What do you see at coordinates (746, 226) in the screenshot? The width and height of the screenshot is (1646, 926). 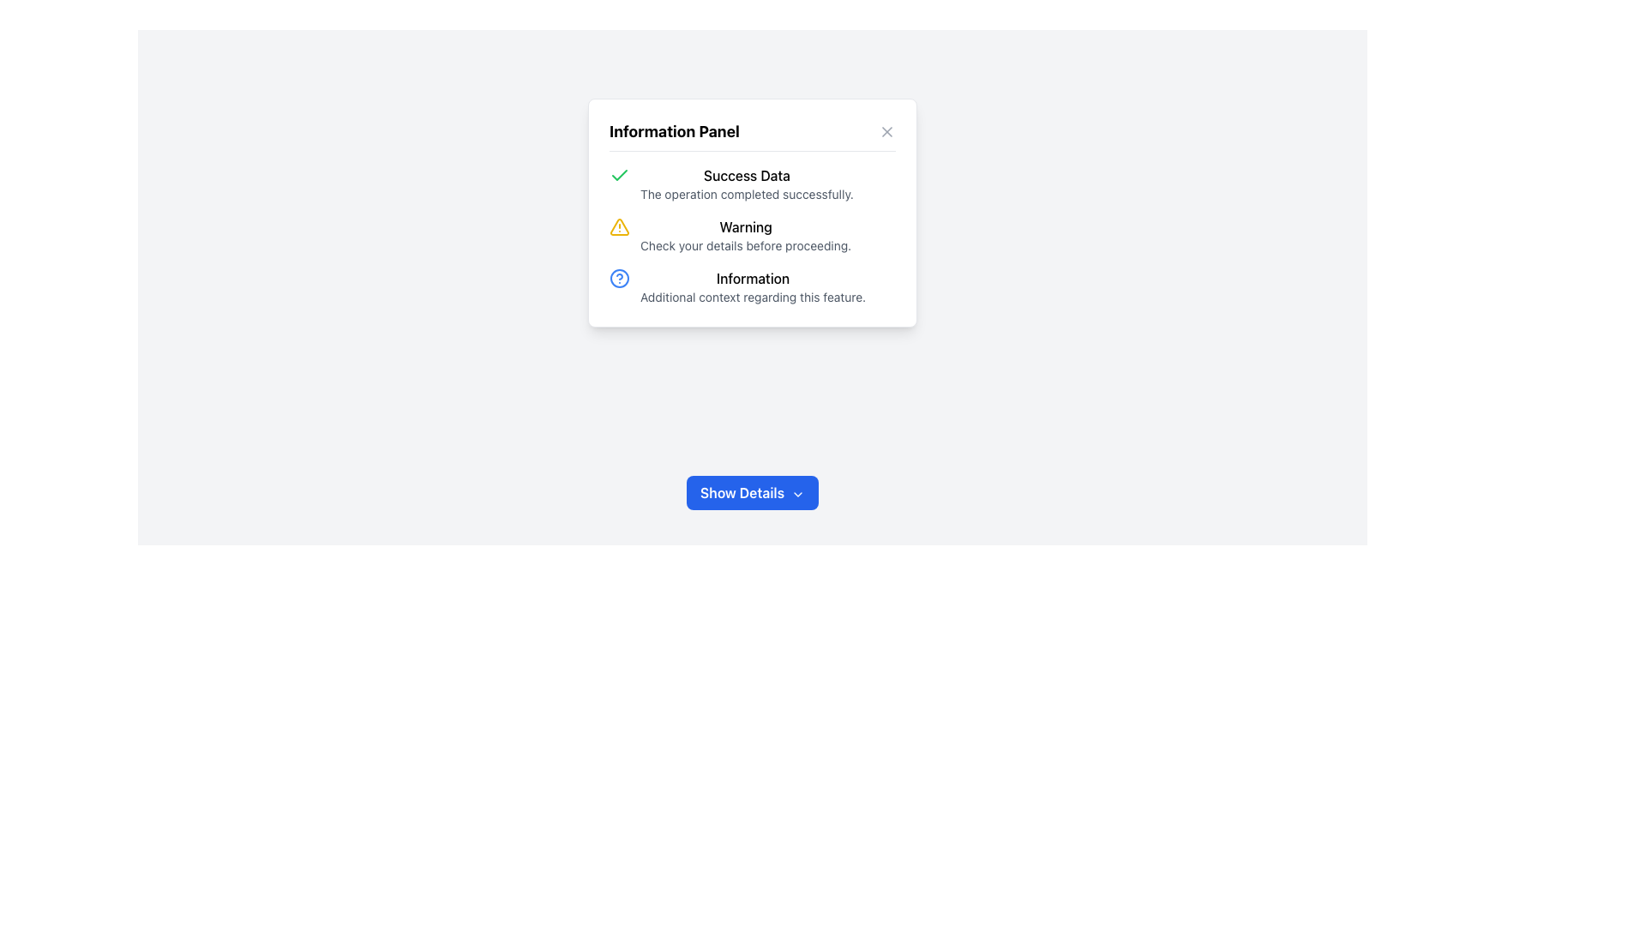 I see `the Text Label that serves as a warning message description, located in the Information Panel, positioned below the 'Success Data' entry and above the 'Information' entry` at bounding box center [746, 226].